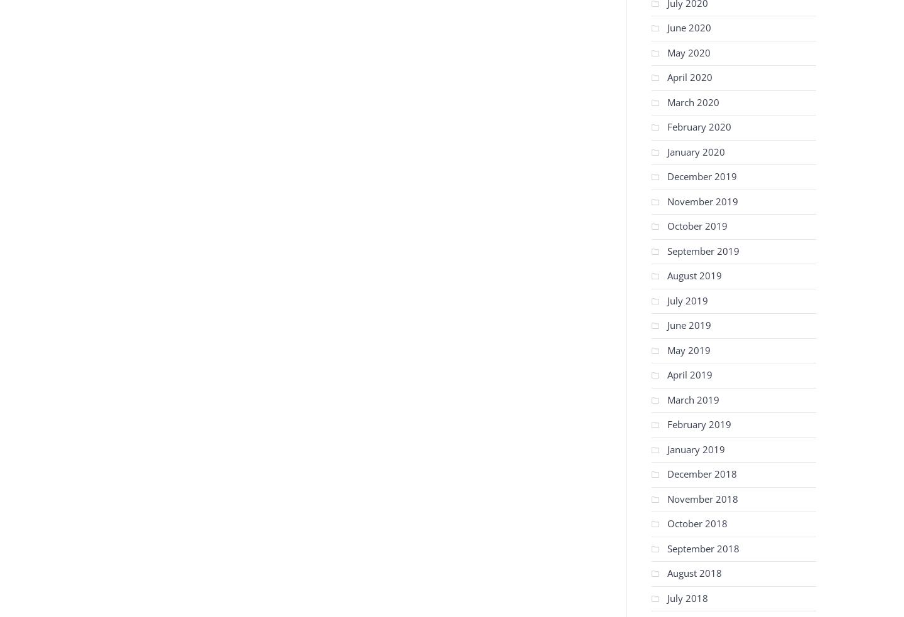 The width and height of the screenshot is (904, 617). I want to click on 'August 2018', so click(694, 573).